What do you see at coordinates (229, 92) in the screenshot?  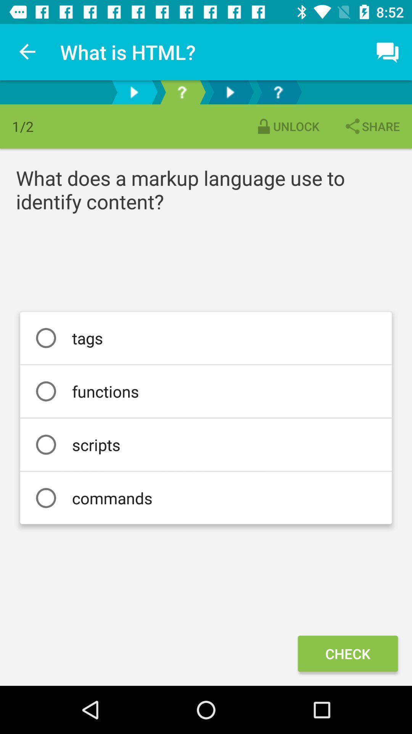 I see `open next tab` at bounding box center [229, 92].